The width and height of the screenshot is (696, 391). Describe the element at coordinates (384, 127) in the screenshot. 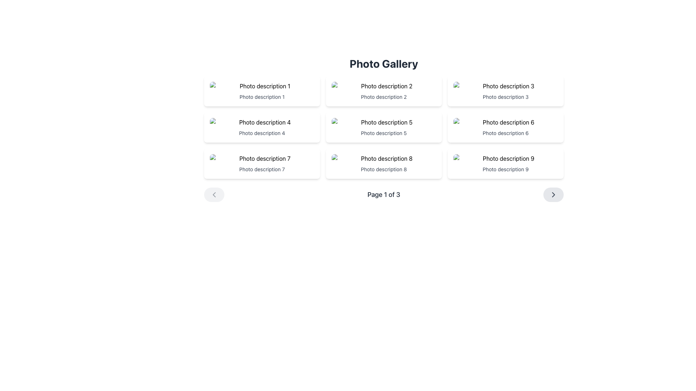

I see `the card element with rounded corners and a white background, containing the text 'Photo description 5', located in the center of the second row of a 3x3 grid` at that location.